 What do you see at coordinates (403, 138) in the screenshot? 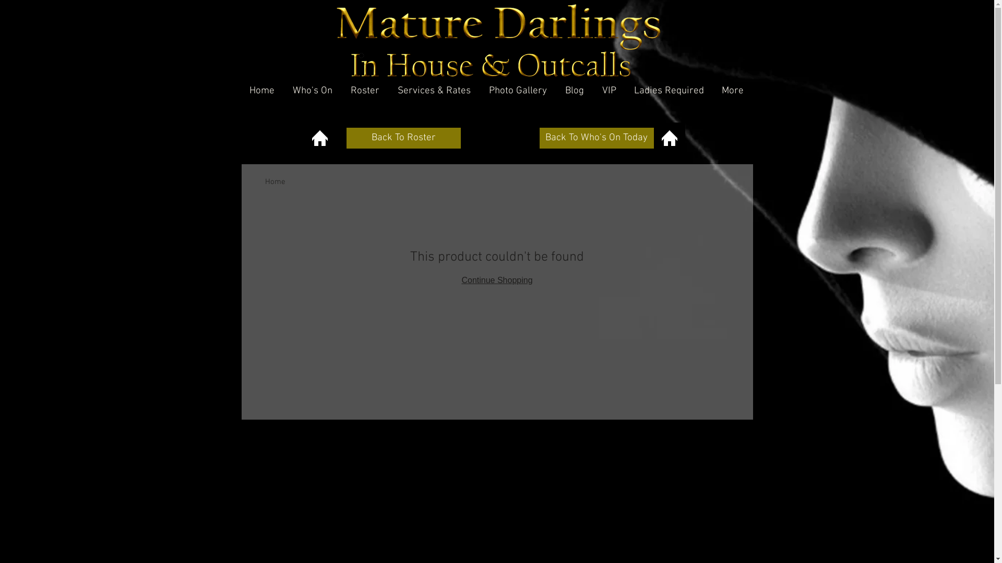
I see `'Back To Roster'` at bounding box center [403, 138].